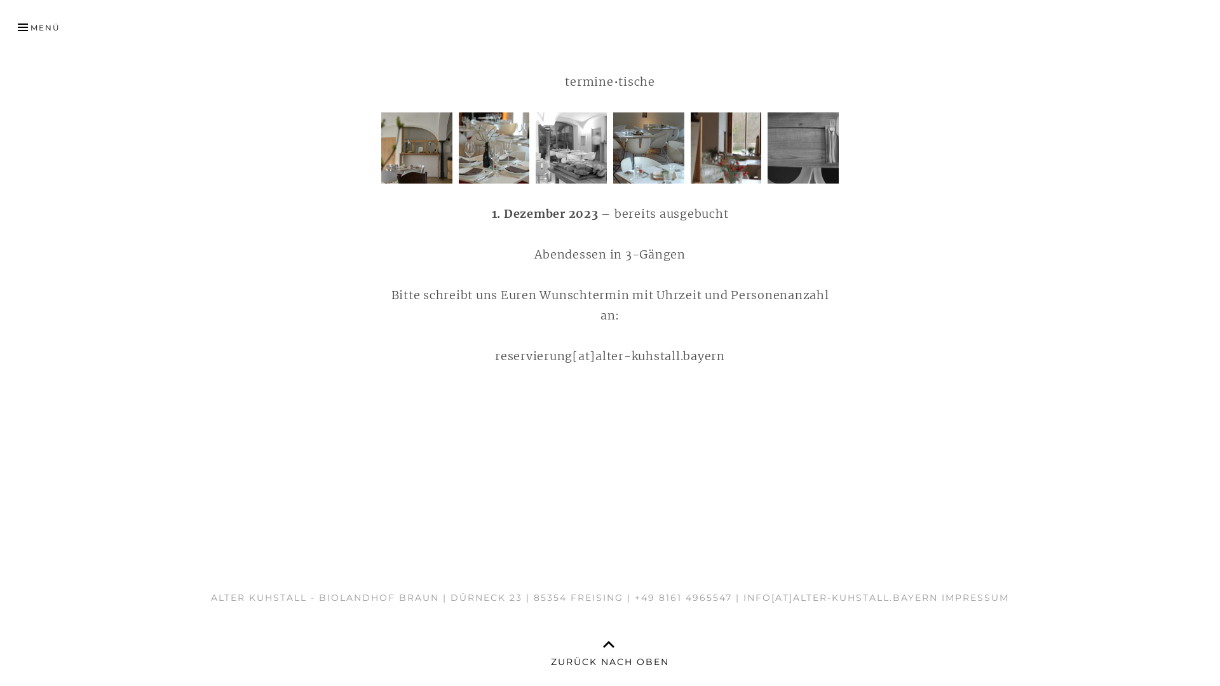 The image size is (1220, 686). Describe the element at coordinates (509, 147) in the screenshot. I see `'Raum 3'` at that location.